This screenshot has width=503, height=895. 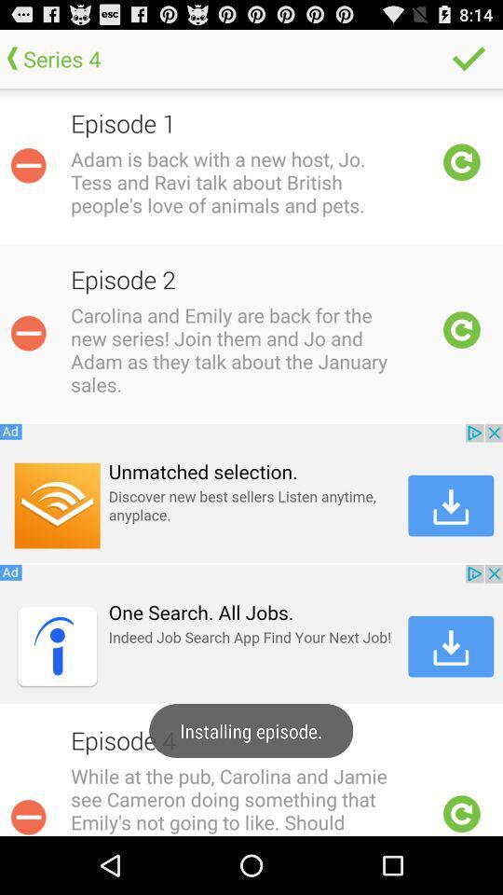 What do you see at coordinates (461, 813) in the screenshot?
I see `reloading the option` at bounding box center [461, 813].